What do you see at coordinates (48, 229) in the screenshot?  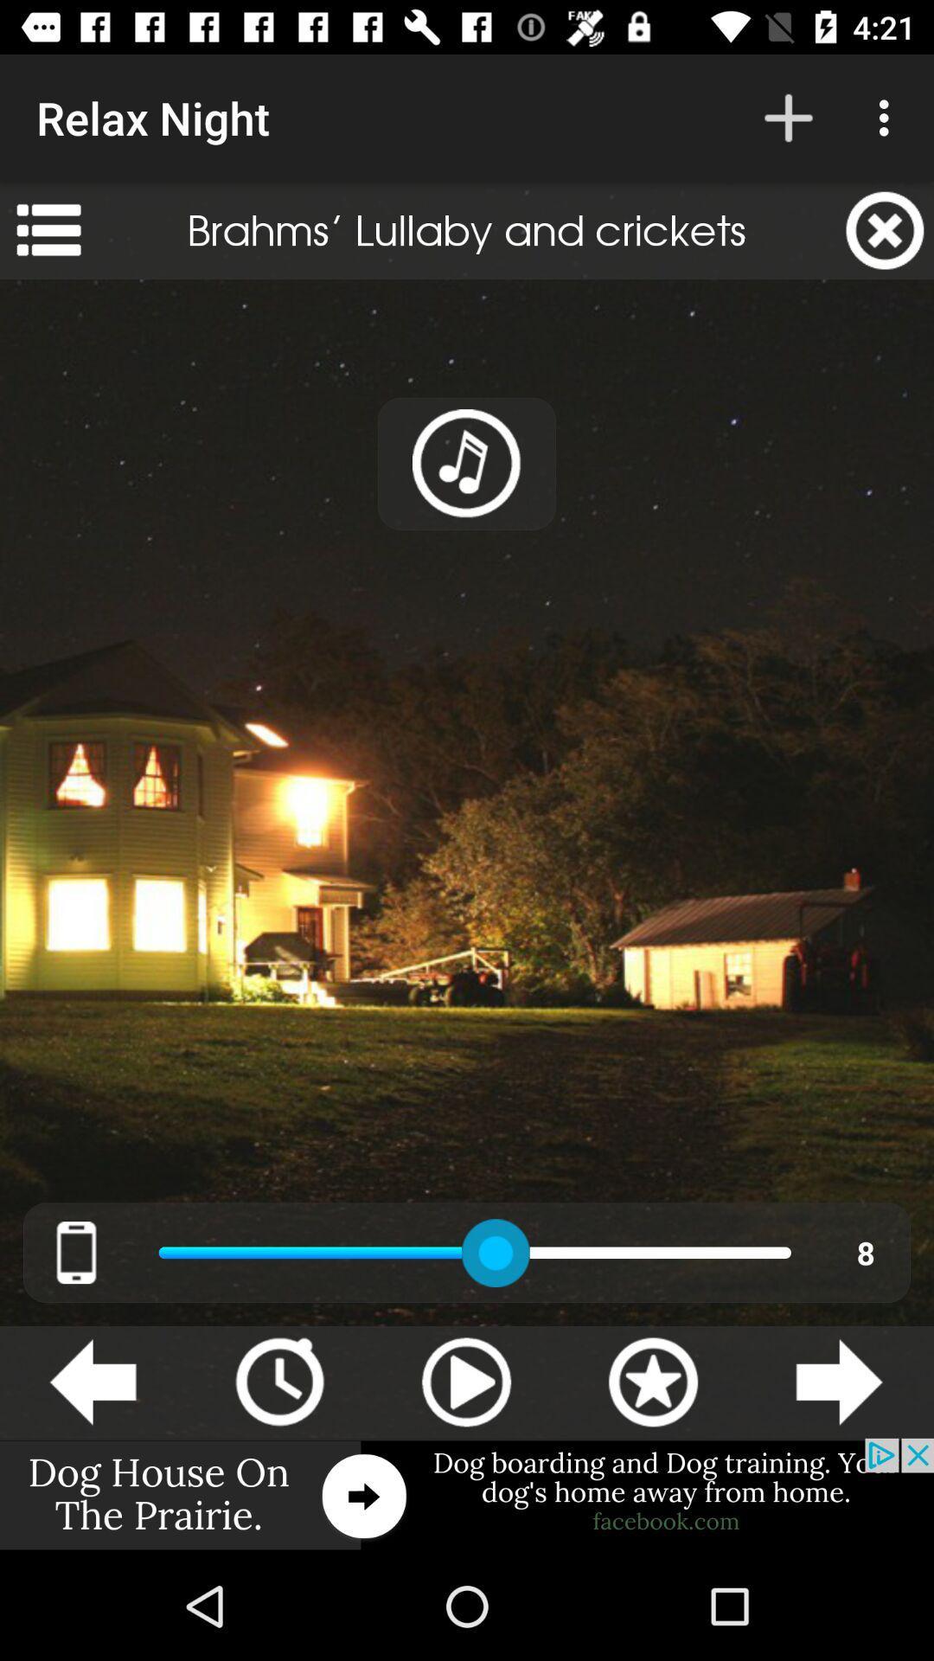 I see `app next to the brahms lullaby and item` at bounding box center [48, 229].